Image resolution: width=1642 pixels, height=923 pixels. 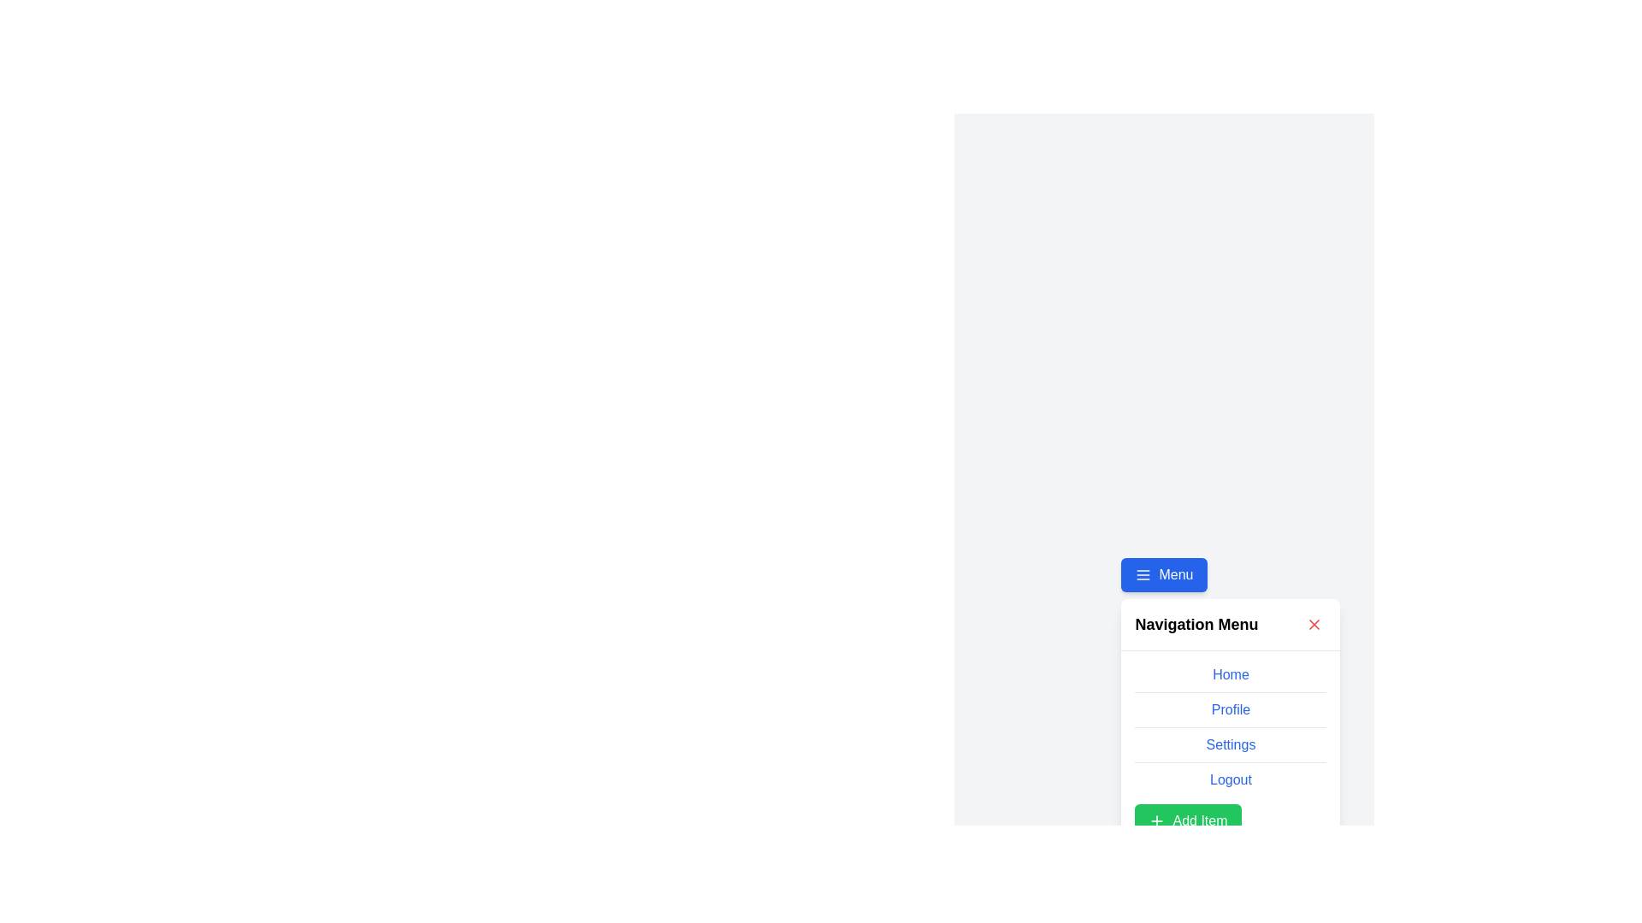 I want to click on the 'Add Item' button located at the bottom of the navigation menu, which has a green background and white text with a plus symbol, so click(x=1187, y=820).